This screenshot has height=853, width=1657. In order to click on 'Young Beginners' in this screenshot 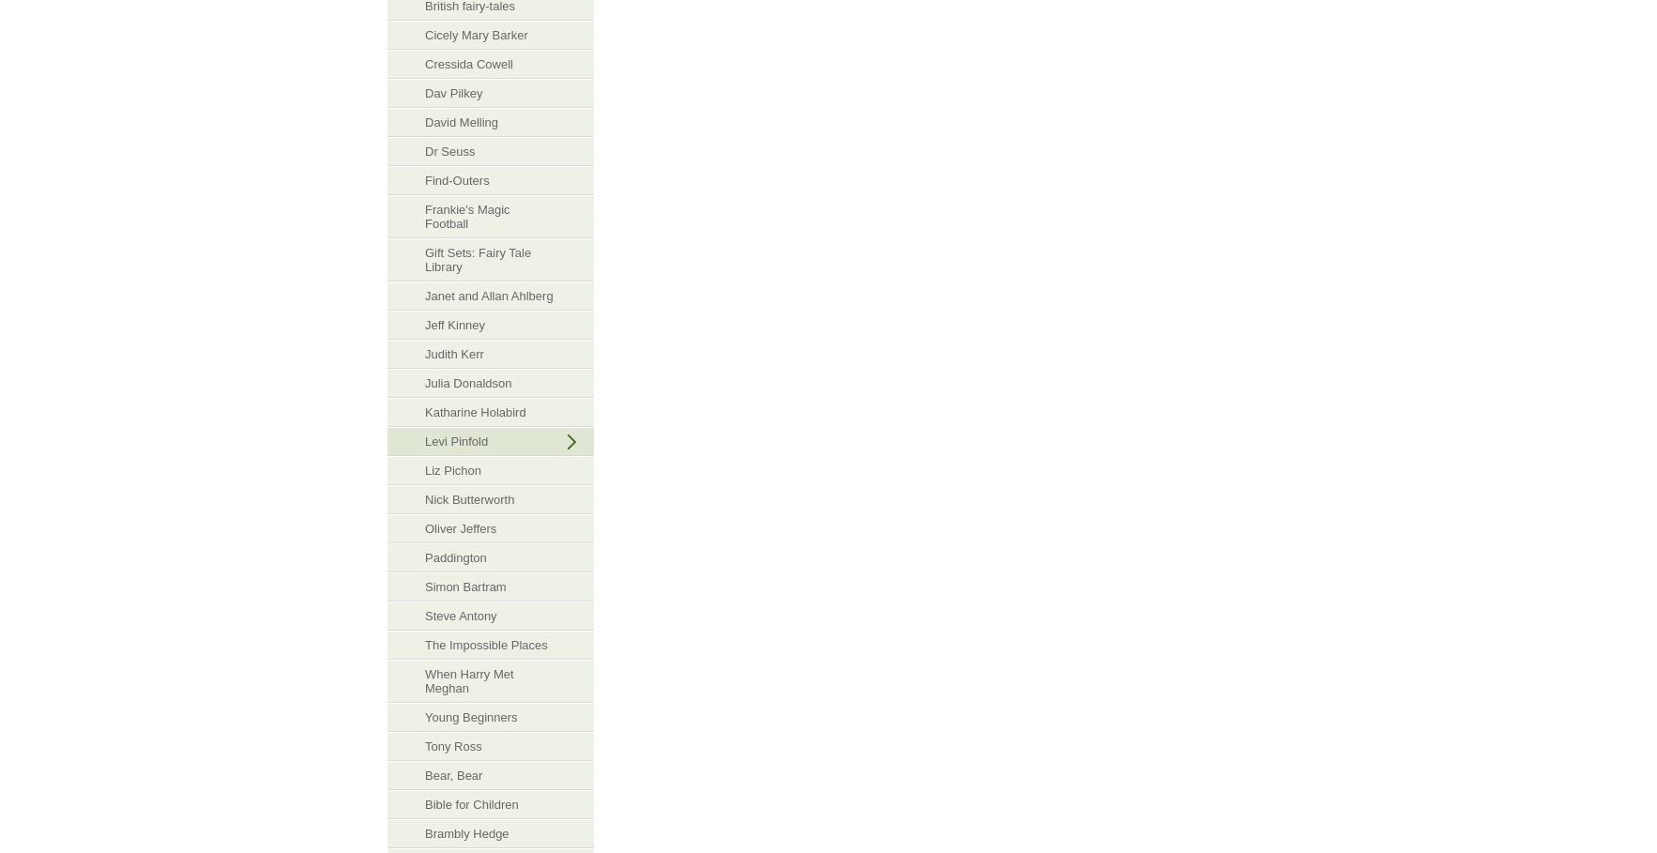, I will do `click(471, 717)`.